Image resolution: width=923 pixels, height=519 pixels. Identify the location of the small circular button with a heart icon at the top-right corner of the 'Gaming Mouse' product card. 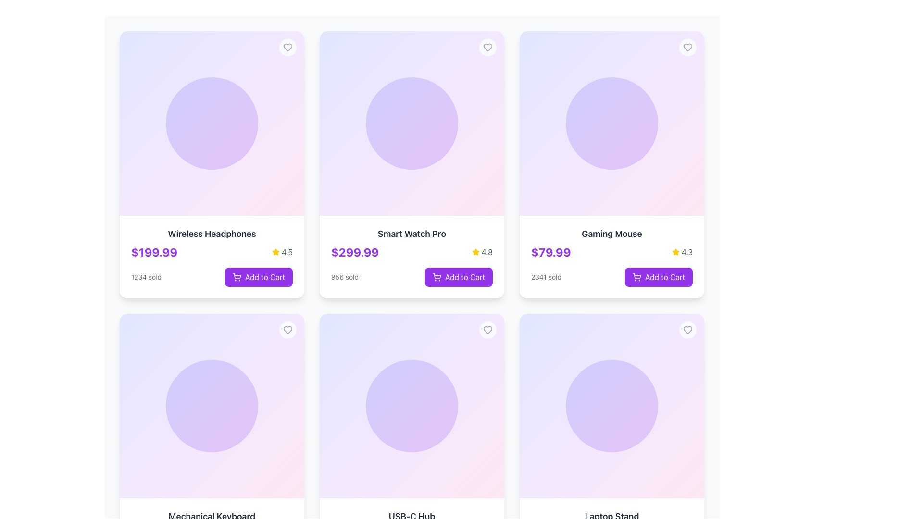
(687, 48).